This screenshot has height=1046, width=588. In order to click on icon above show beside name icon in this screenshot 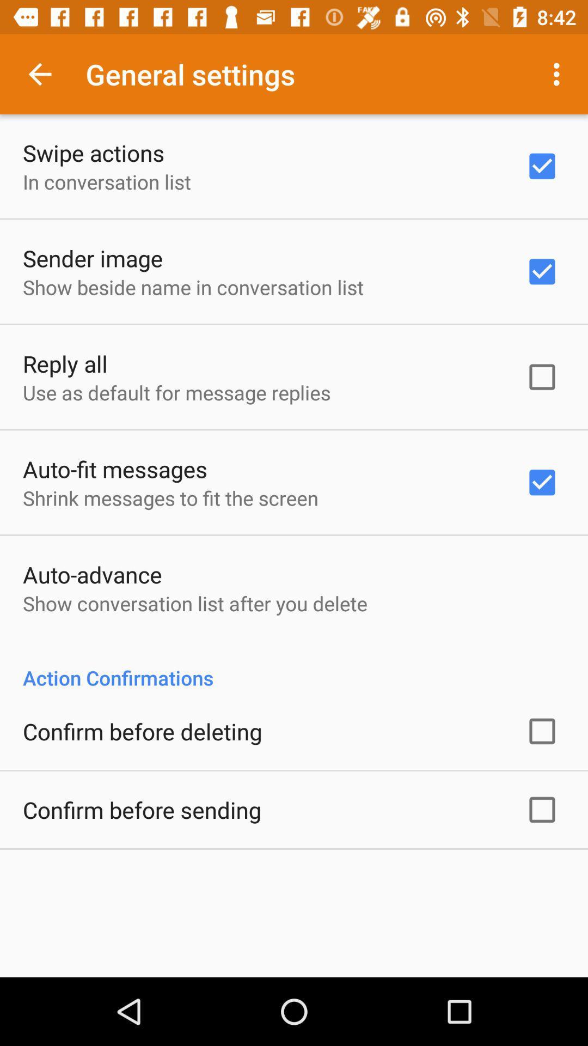, I will do `click(92, 258)`.